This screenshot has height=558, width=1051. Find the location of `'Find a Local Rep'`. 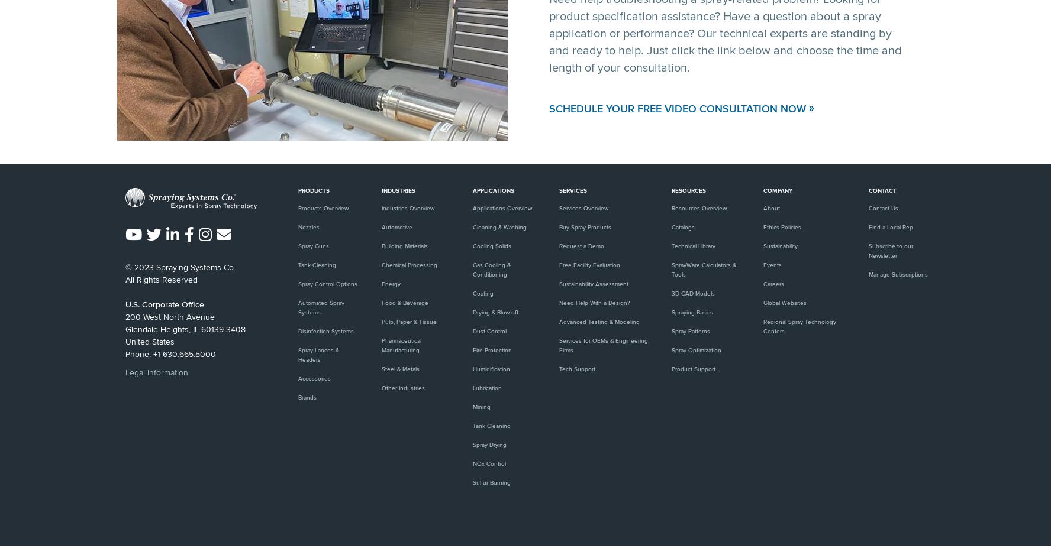

'Find a Local Rep' is located at coordinates (868, 227).